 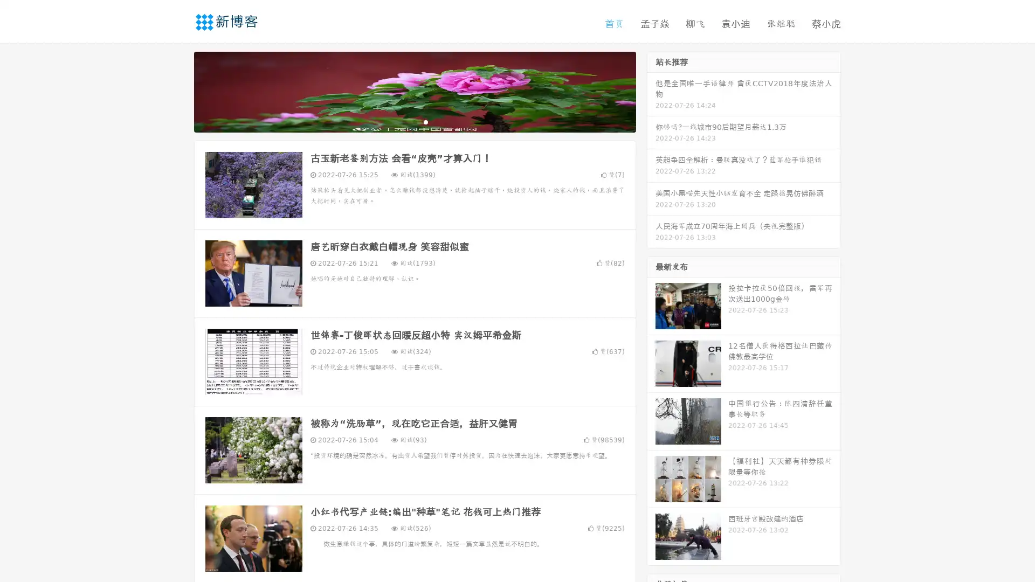 What do you see at coordinates (414, 121) in the screenshot?
I see `Go to slide 2` at bounding box center [414, 121].